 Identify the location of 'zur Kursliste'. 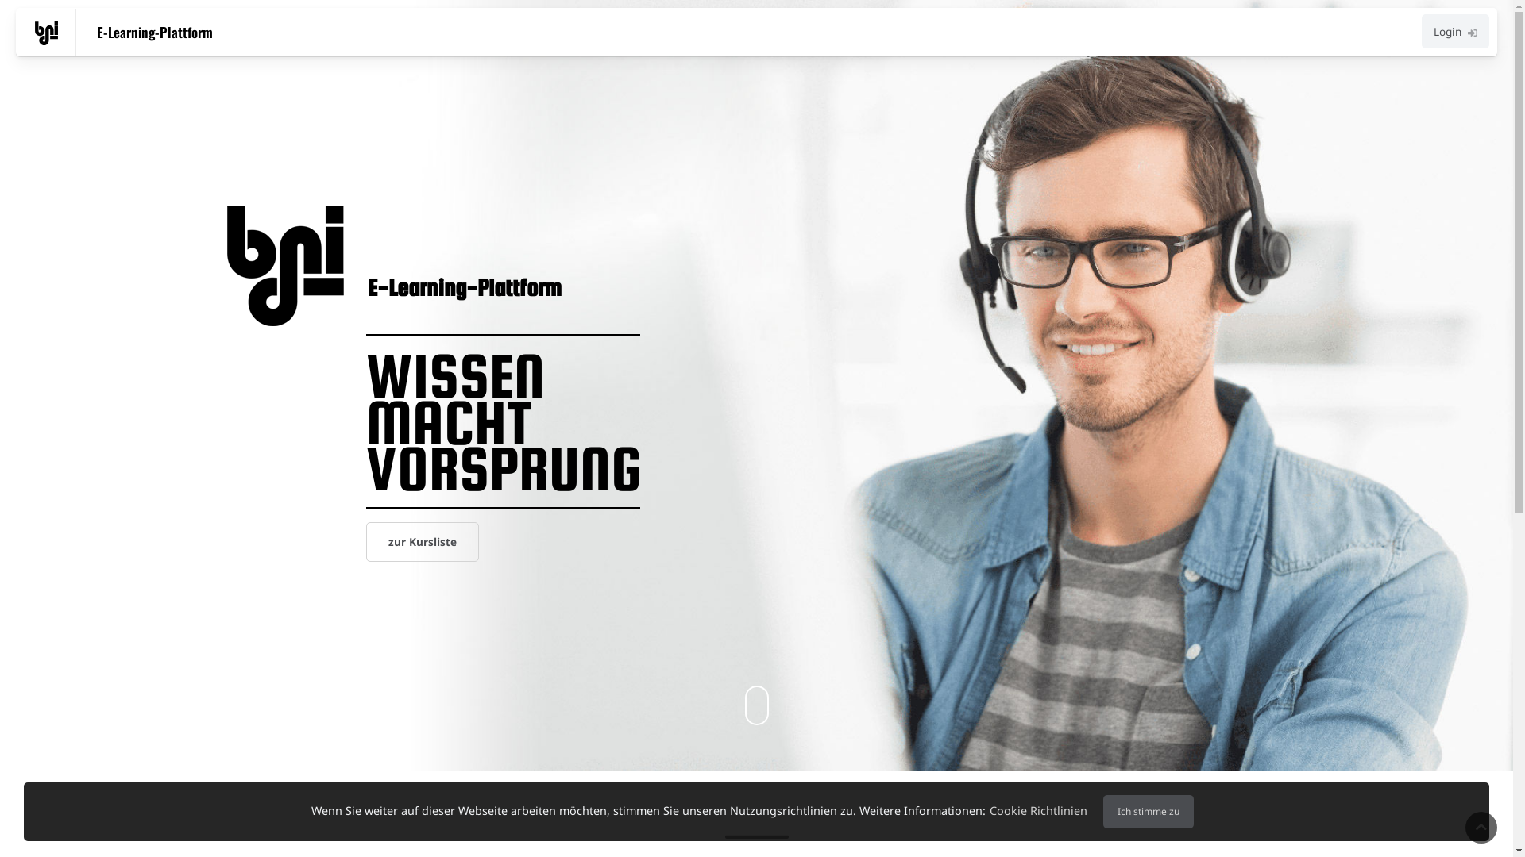
(423, 540).